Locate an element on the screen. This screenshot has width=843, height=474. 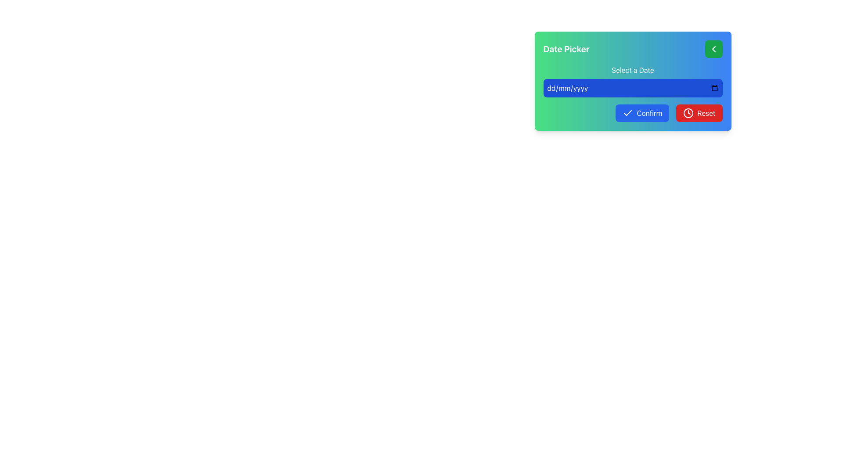
the rectangular blue 'Confirm' button with white text and a checkmark icon, located in the bottom-right section of the dialog box is located at coordinates (642, 113).